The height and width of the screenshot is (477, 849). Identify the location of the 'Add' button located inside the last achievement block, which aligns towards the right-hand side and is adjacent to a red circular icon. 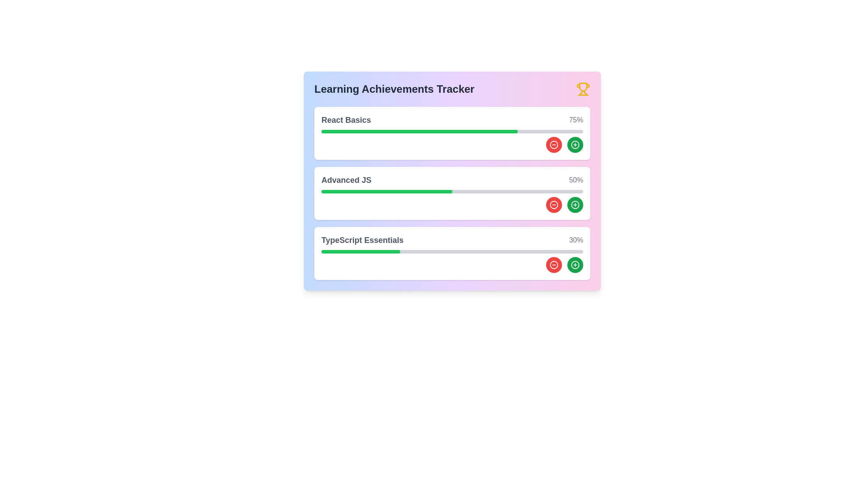
(575, 144).